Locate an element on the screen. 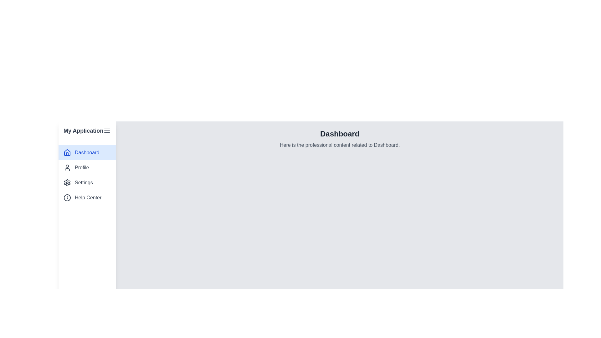 The width and height of the screenshot is (601, 338). the profile icon, which is a simplistic user figure located to the left of the 'Profile' text label in the left vertical sidebar is located at coordinates (67, 167).